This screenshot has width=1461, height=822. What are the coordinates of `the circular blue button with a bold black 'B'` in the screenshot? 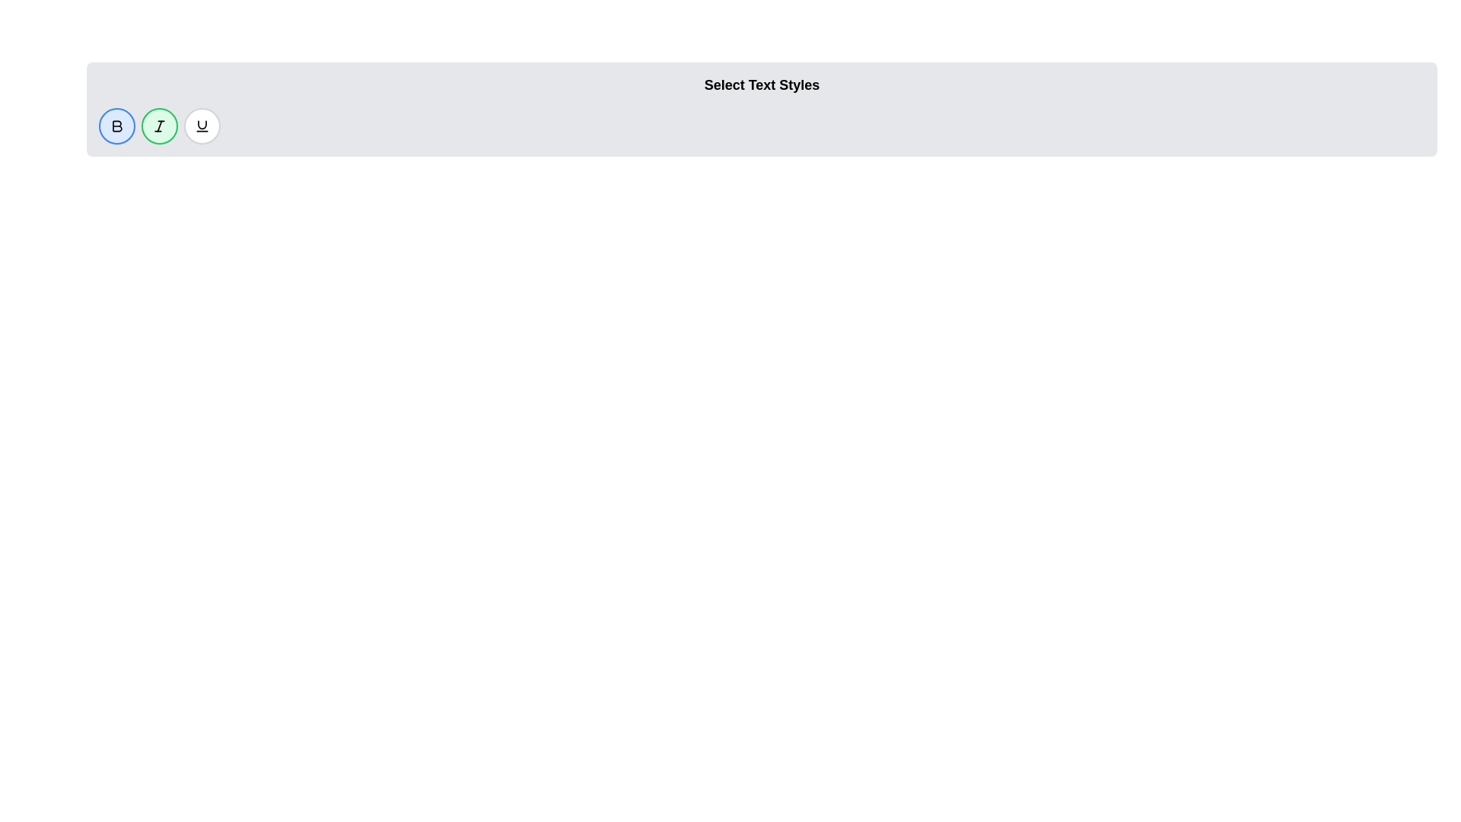 It's located at (116, 125).